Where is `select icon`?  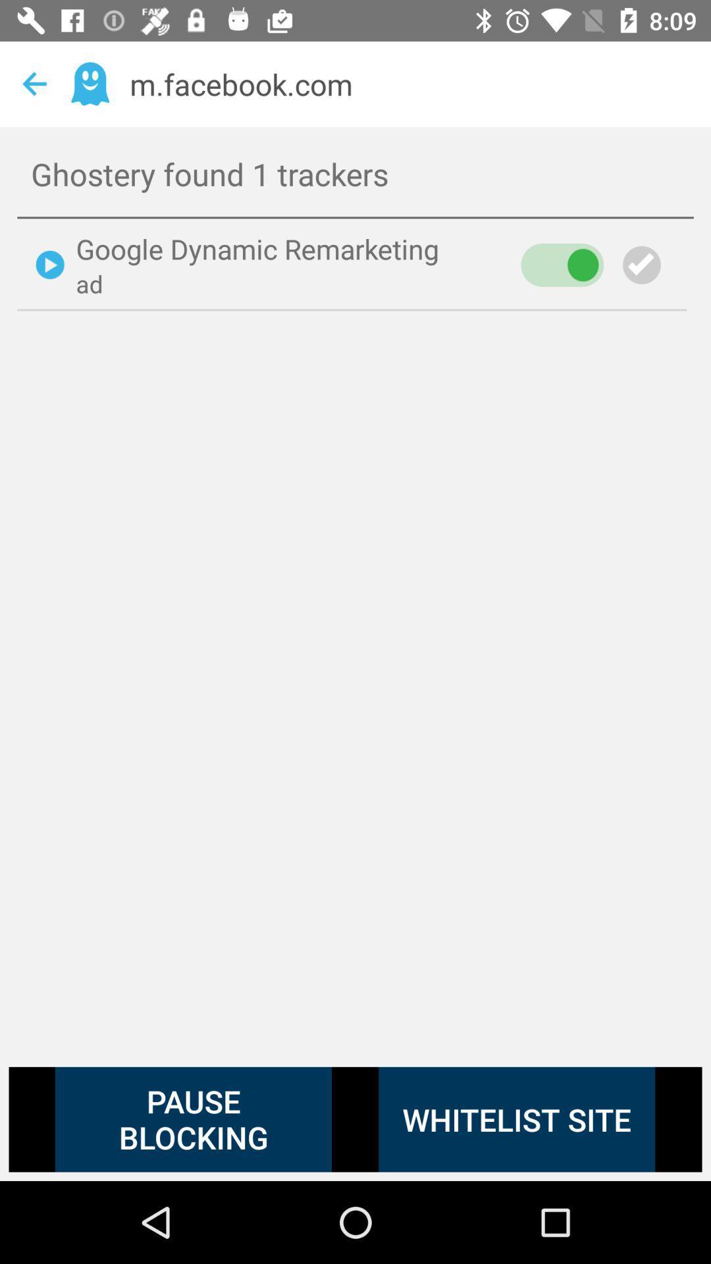 select icon is located at coordinates (650, 265).